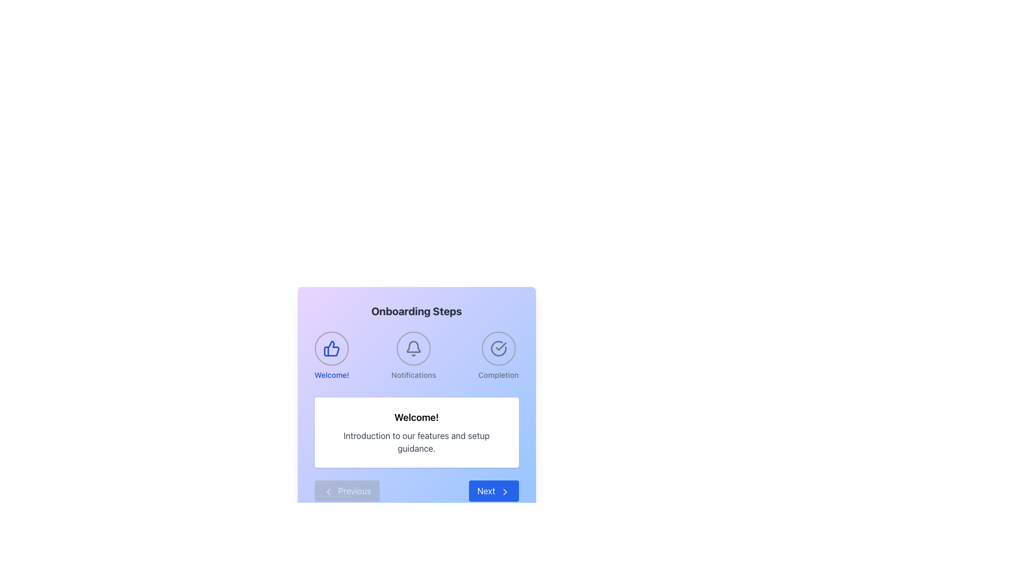  Describe the element at coordinates (416, 491) in the screenshot. I see `the 'Next' button on the Navigation Bar located at the bottom of the onboarding card to proceed to the next step` at that location.